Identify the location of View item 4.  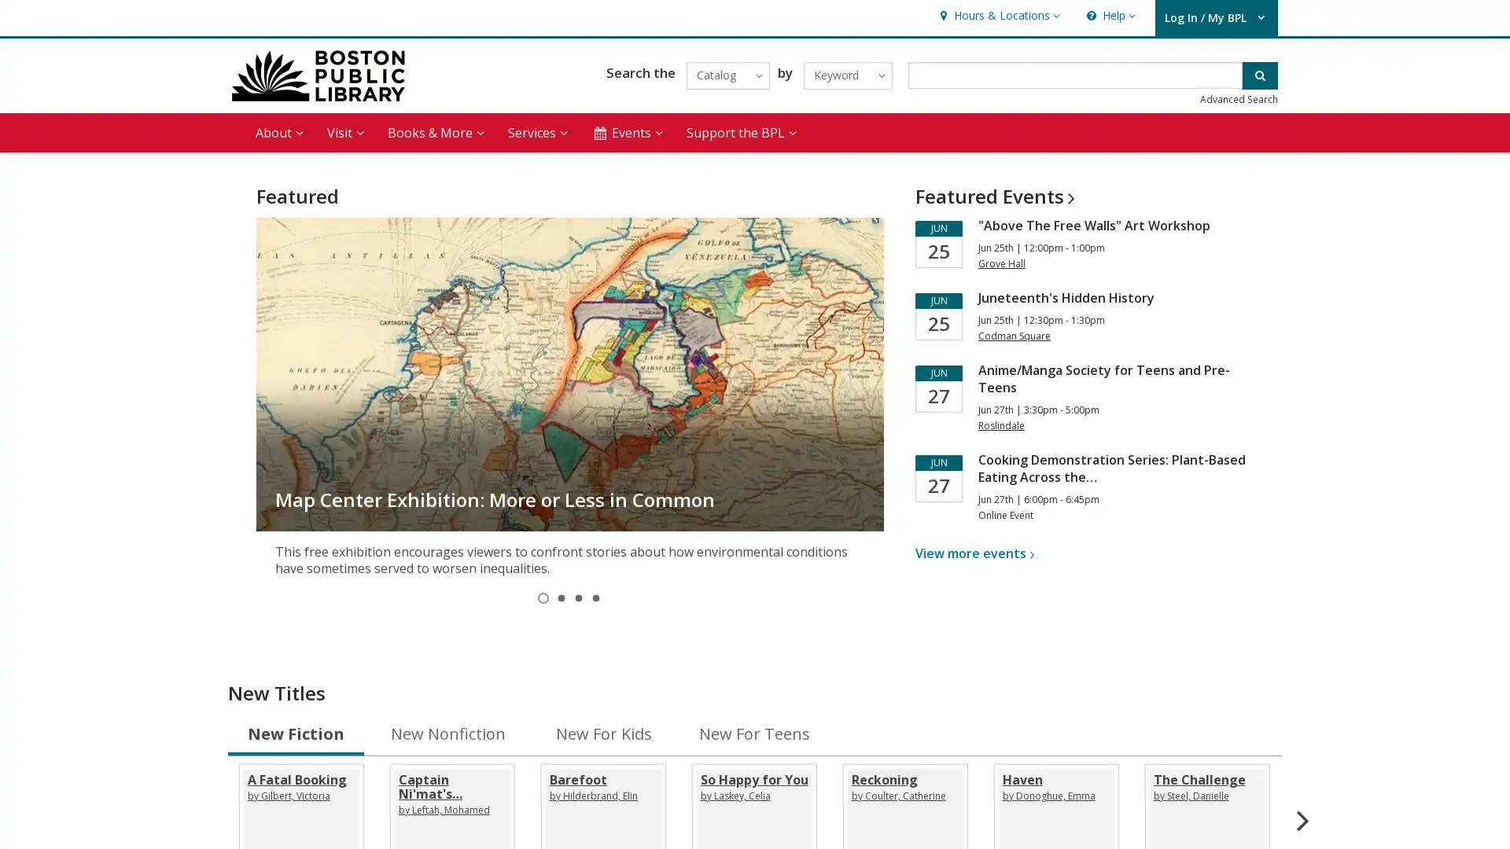
(595, 597).